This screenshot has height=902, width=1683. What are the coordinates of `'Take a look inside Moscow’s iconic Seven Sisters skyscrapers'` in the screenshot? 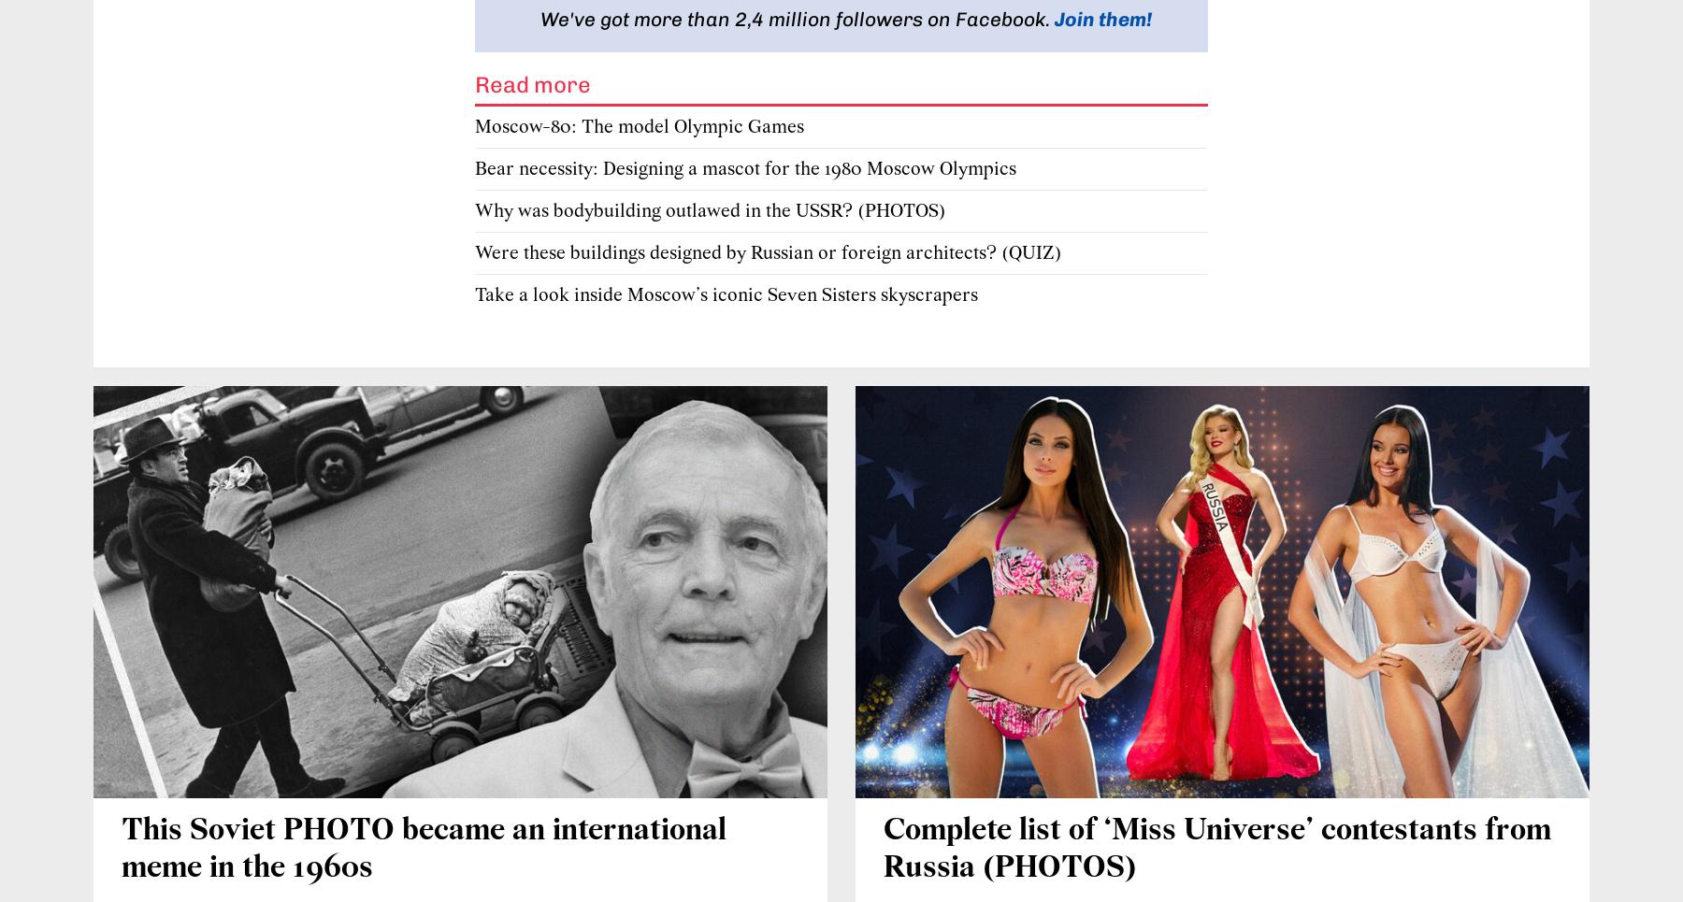 It's located at (726, 294).